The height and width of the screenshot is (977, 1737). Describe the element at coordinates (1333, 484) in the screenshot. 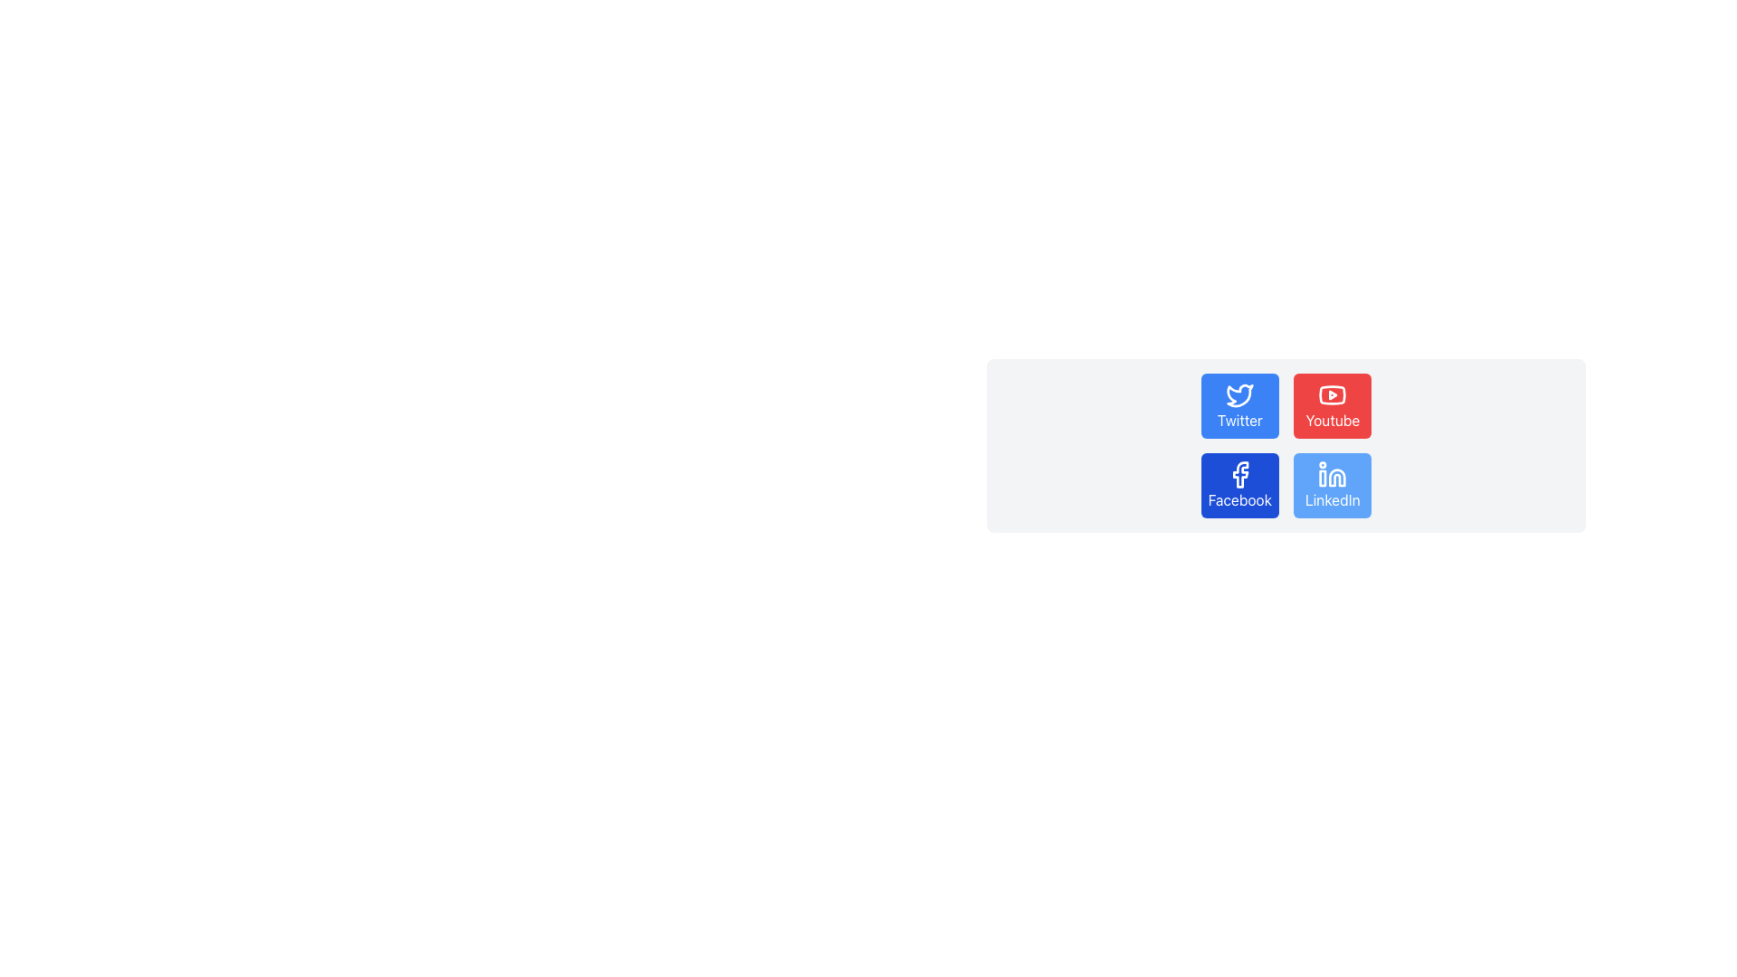

I see `the LinkedIn button located in the bottom right corner of the grid layout to observe the hover effects` at that location.